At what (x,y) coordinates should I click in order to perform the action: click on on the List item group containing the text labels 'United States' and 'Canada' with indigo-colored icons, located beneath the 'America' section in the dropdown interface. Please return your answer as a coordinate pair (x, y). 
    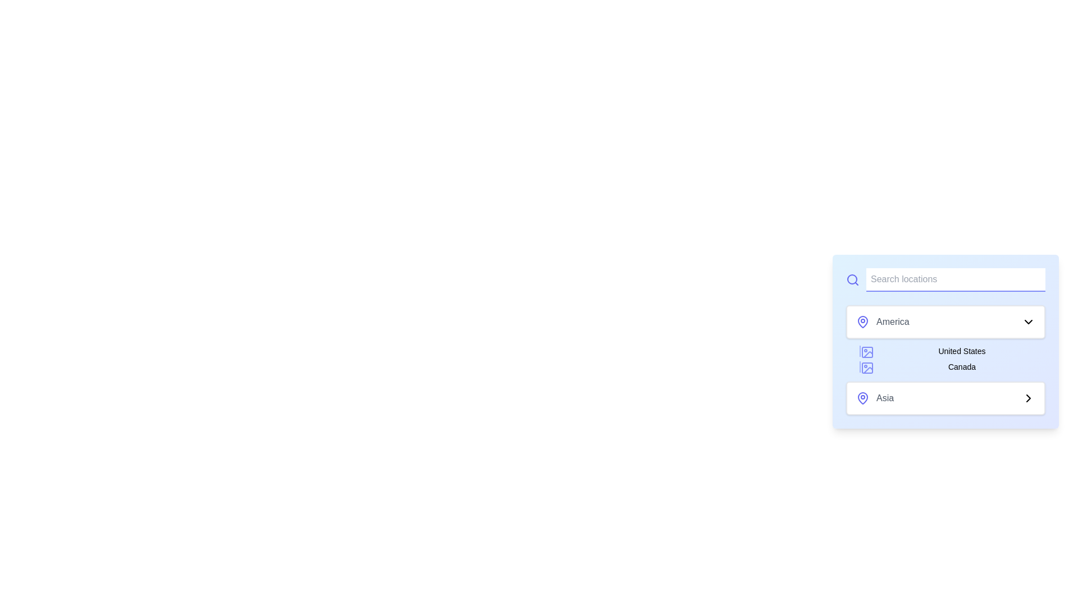
    Looking at the image, I should click on (945, 359).